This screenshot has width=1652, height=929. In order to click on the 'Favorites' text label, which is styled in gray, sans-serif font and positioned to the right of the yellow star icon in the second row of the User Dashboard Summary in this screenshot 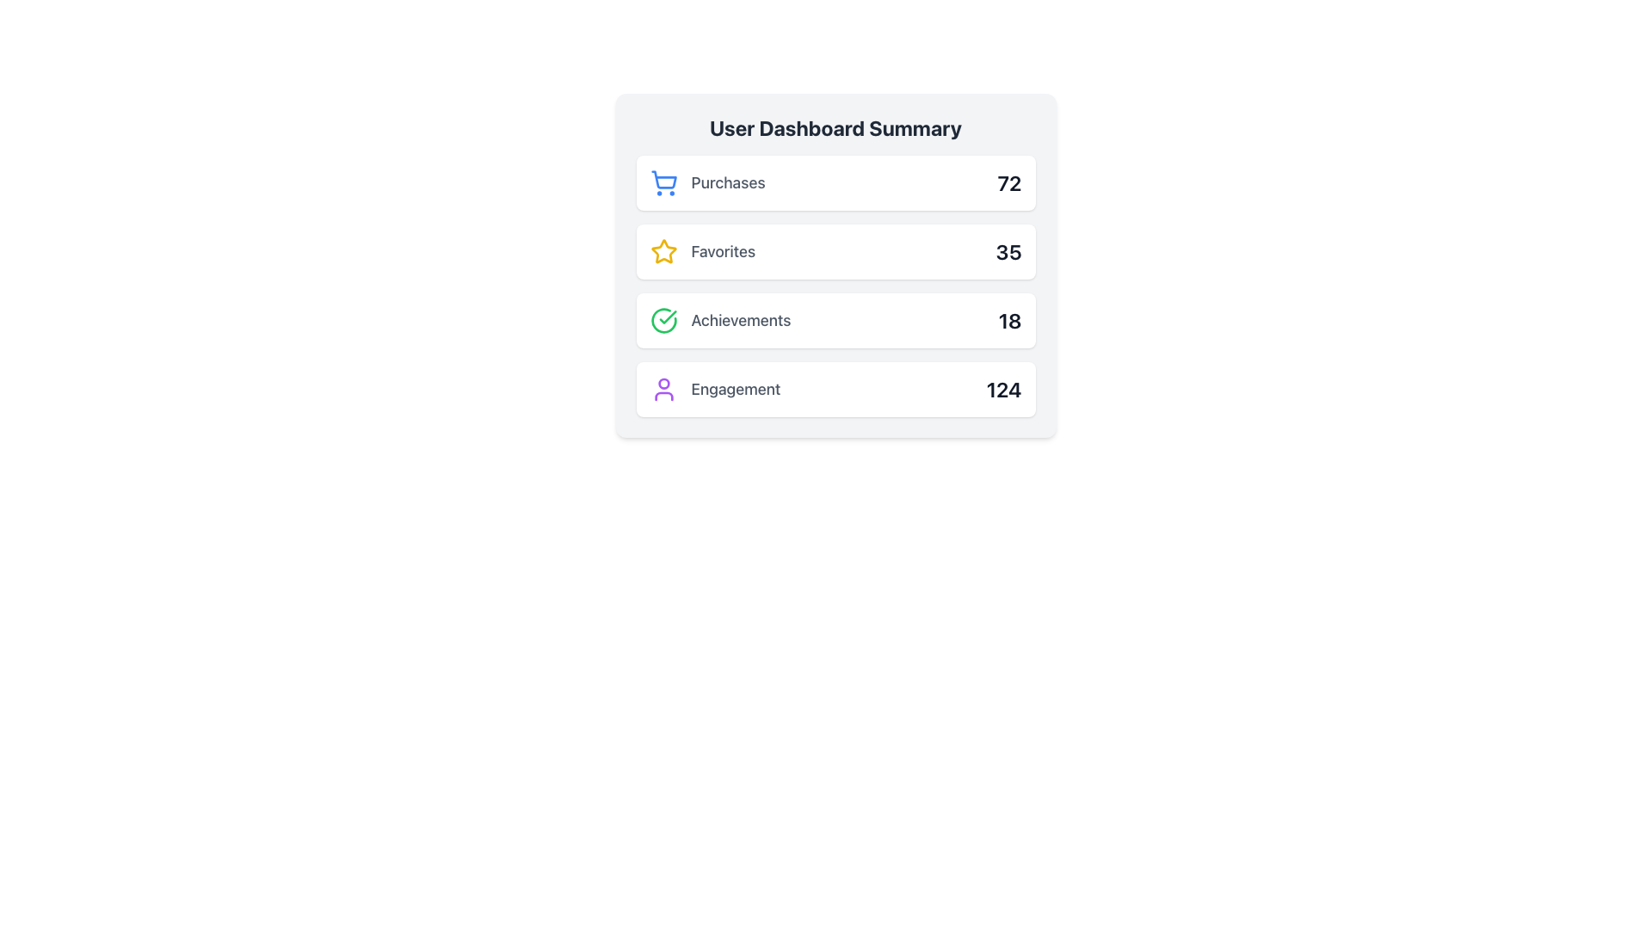, I will do `click(723, 252)`.